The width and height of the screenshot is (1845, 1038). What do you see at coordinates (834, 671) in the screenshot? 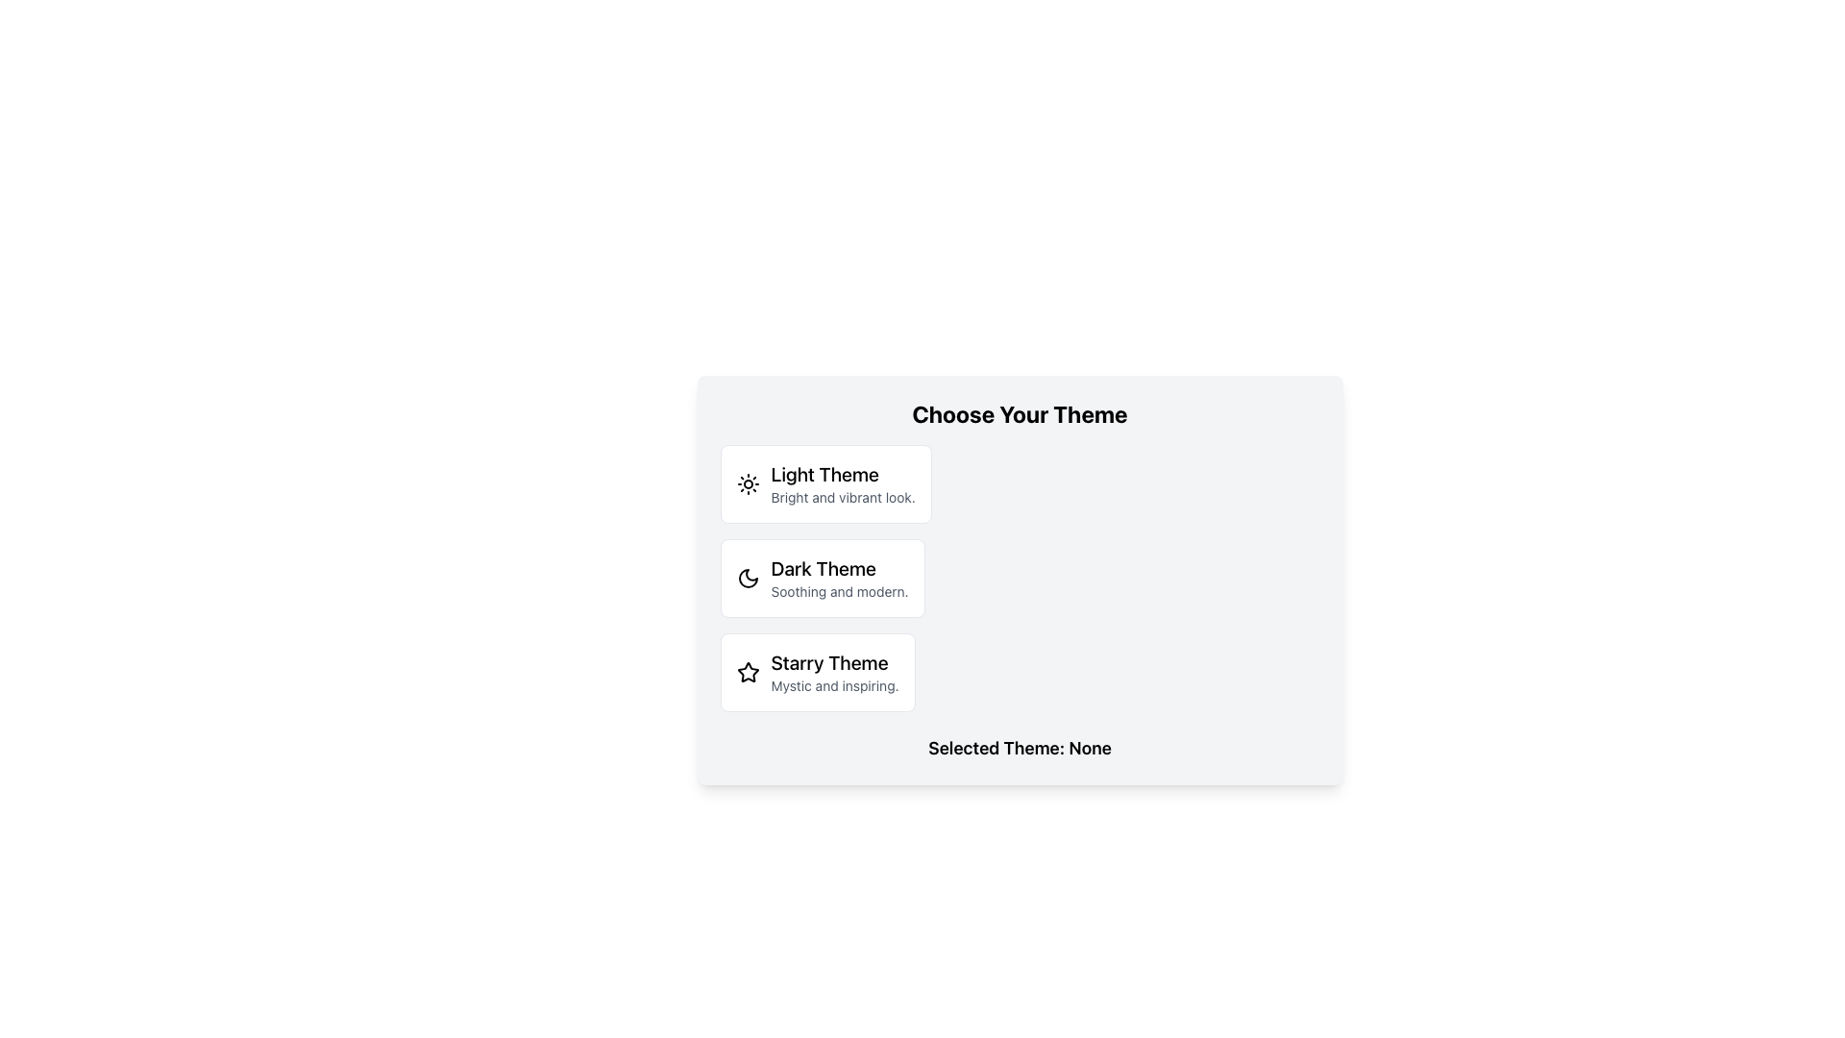
I see `the 'Starry Theme' text description element, which provides information about the theme option located below the 'Dark Theme' in the theme selection list` at bounding box center [834, 671].